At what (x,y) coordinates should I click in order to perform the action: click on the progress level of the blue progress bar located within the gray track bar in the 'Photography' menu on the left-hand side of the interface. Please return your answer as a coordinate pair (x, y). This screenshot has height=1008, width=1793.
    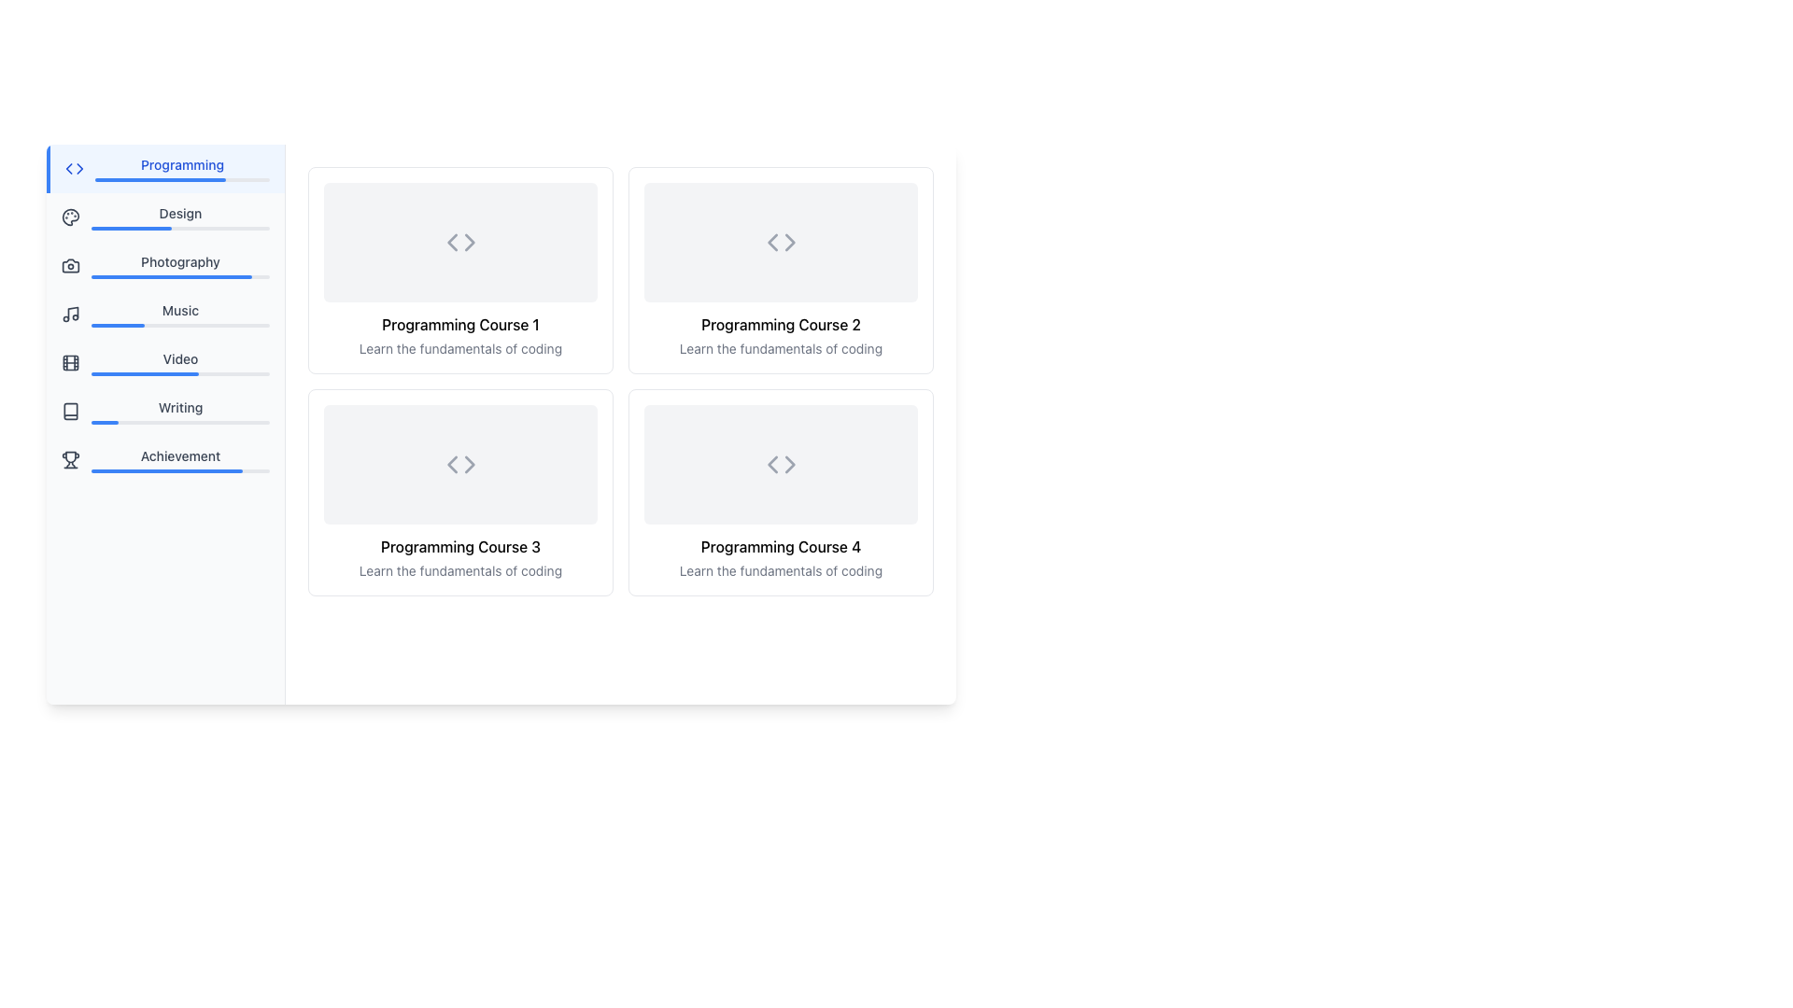
    Looking at the image, I should click on (171, 277).